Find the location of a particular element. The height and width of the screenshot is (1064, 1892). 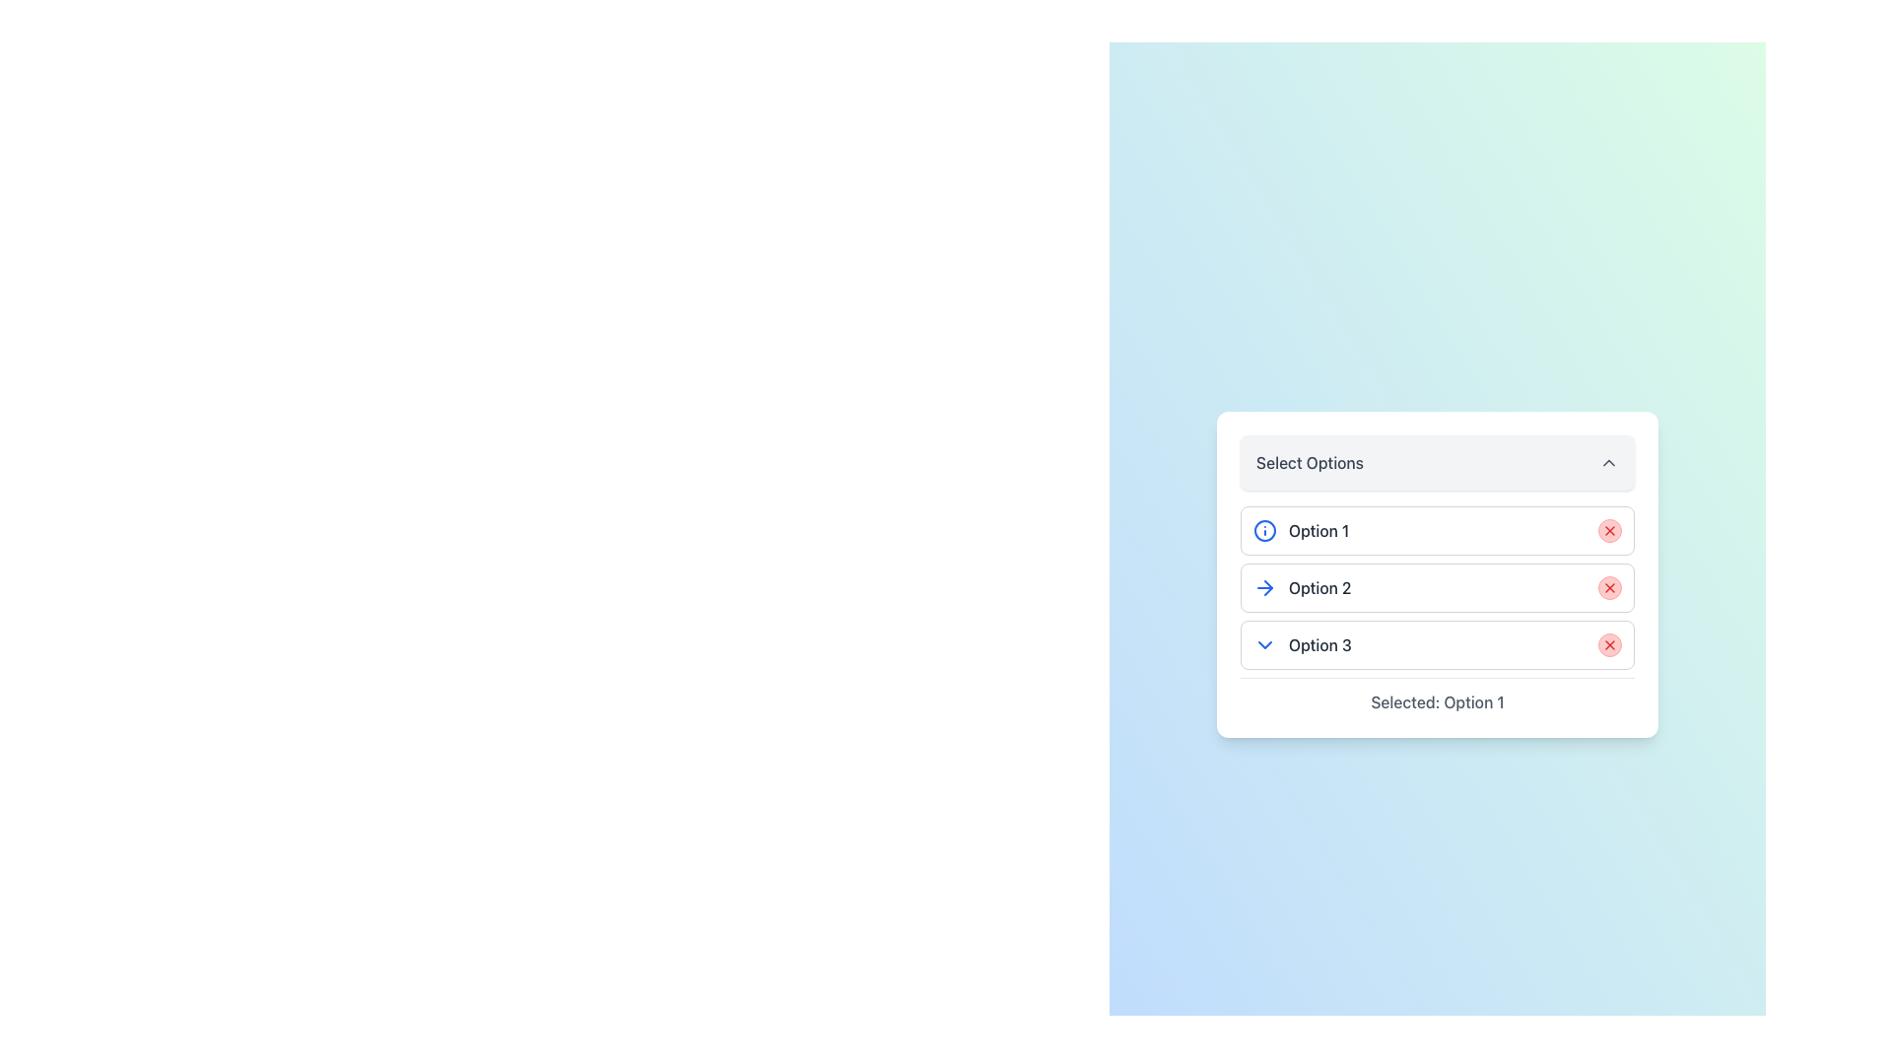

the text label that reads 'Selected: Option 1', styled with a medium-sized gray font, located at the bottom of a white rectangular panel containing multiple options is located at coordinates (1438, 700).